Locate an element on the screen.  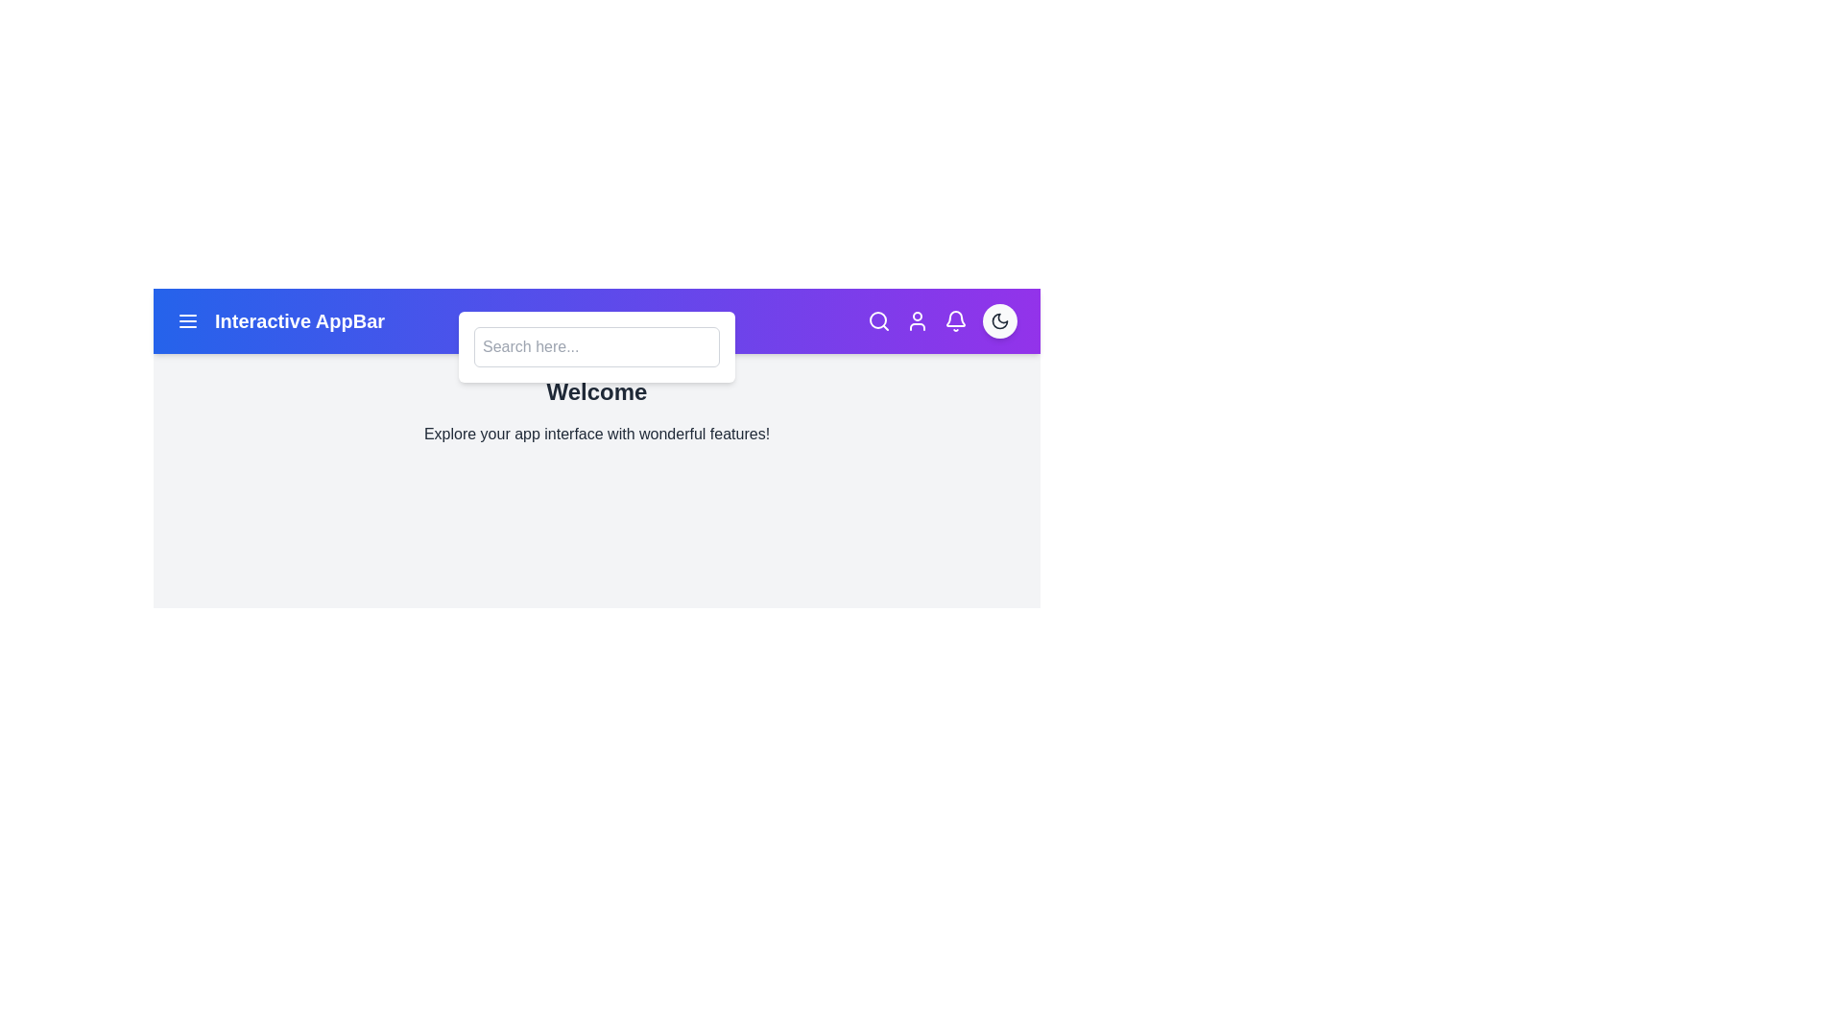
menu icon to open the navigation options is located at coordinates (188, 320).